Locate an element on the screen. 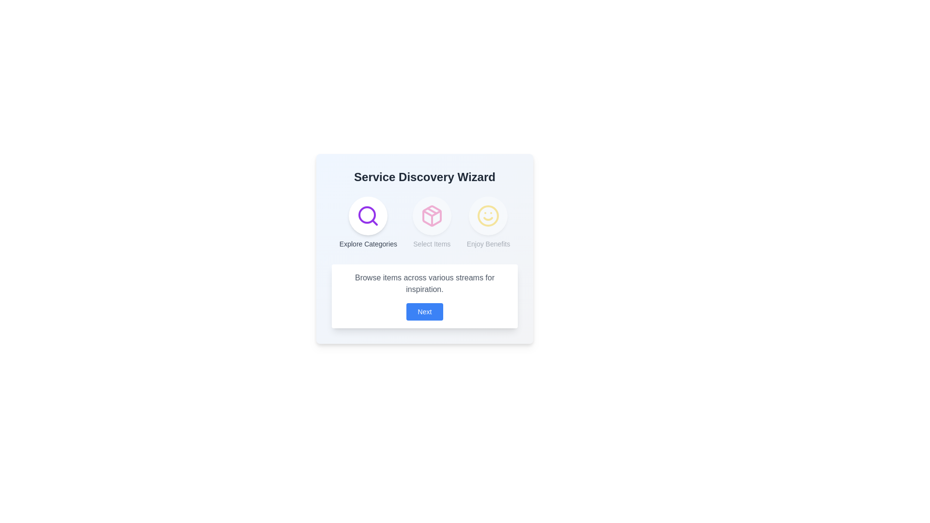 The width and height of the screenshot is (930, 523). the step icon for Enjoy Benefits is located at coordinates (488, 215).